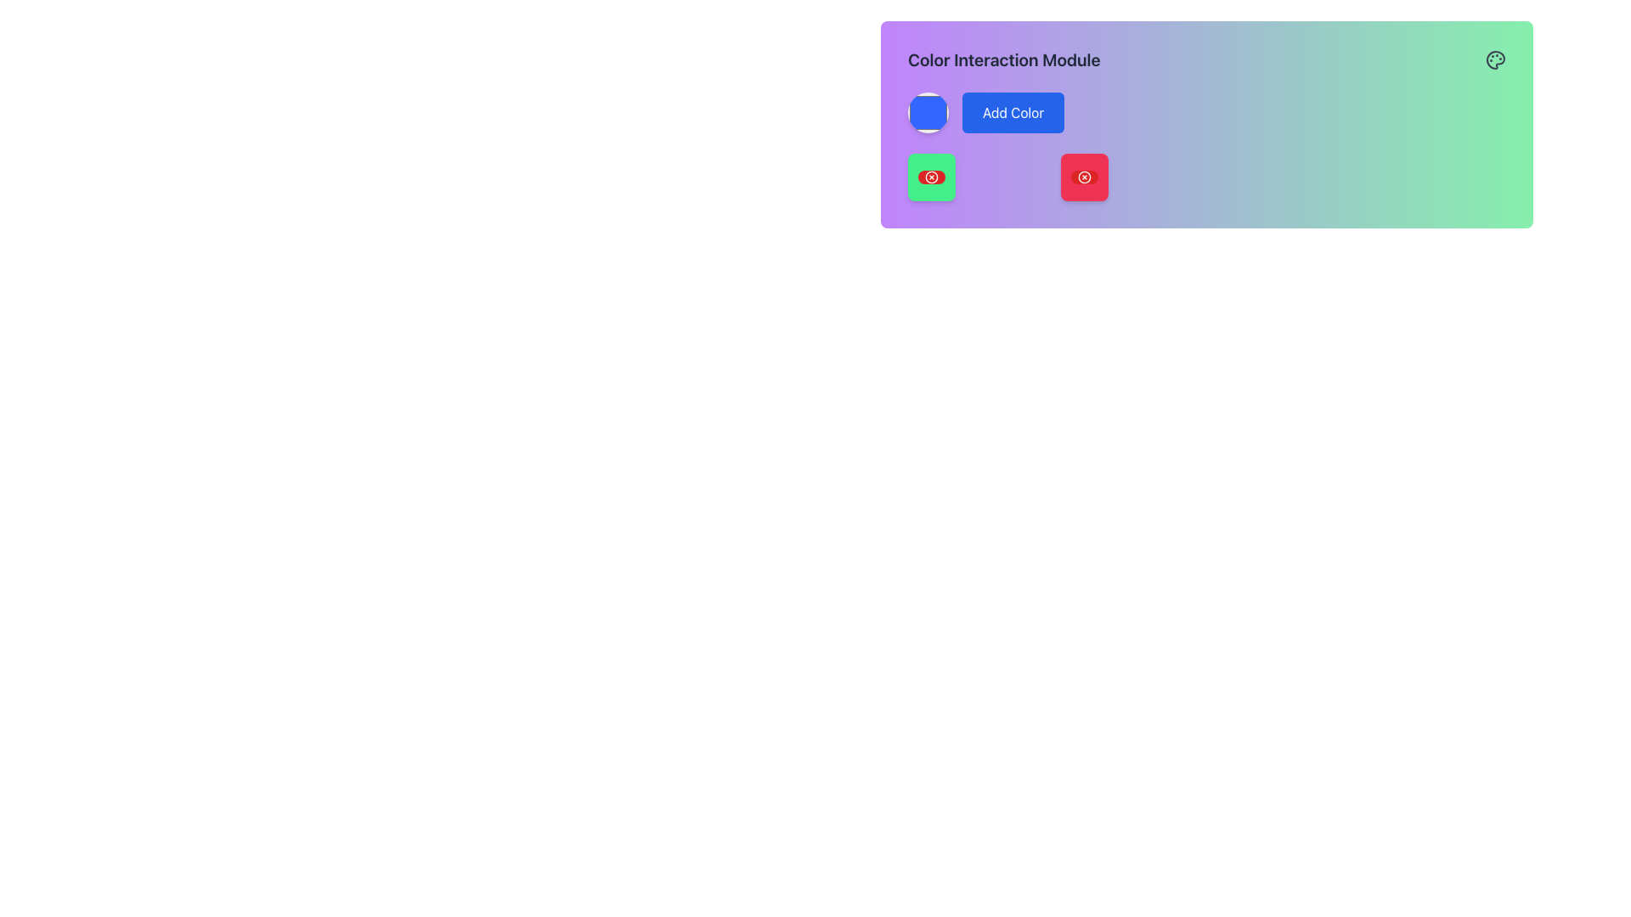 The image size is (1631, 917). Describe the element at coordinates (1083, 177) in the screenshot. I see `the vibrant red button with a white 'X' icon to observe tooltips or visual feedback` at that location.